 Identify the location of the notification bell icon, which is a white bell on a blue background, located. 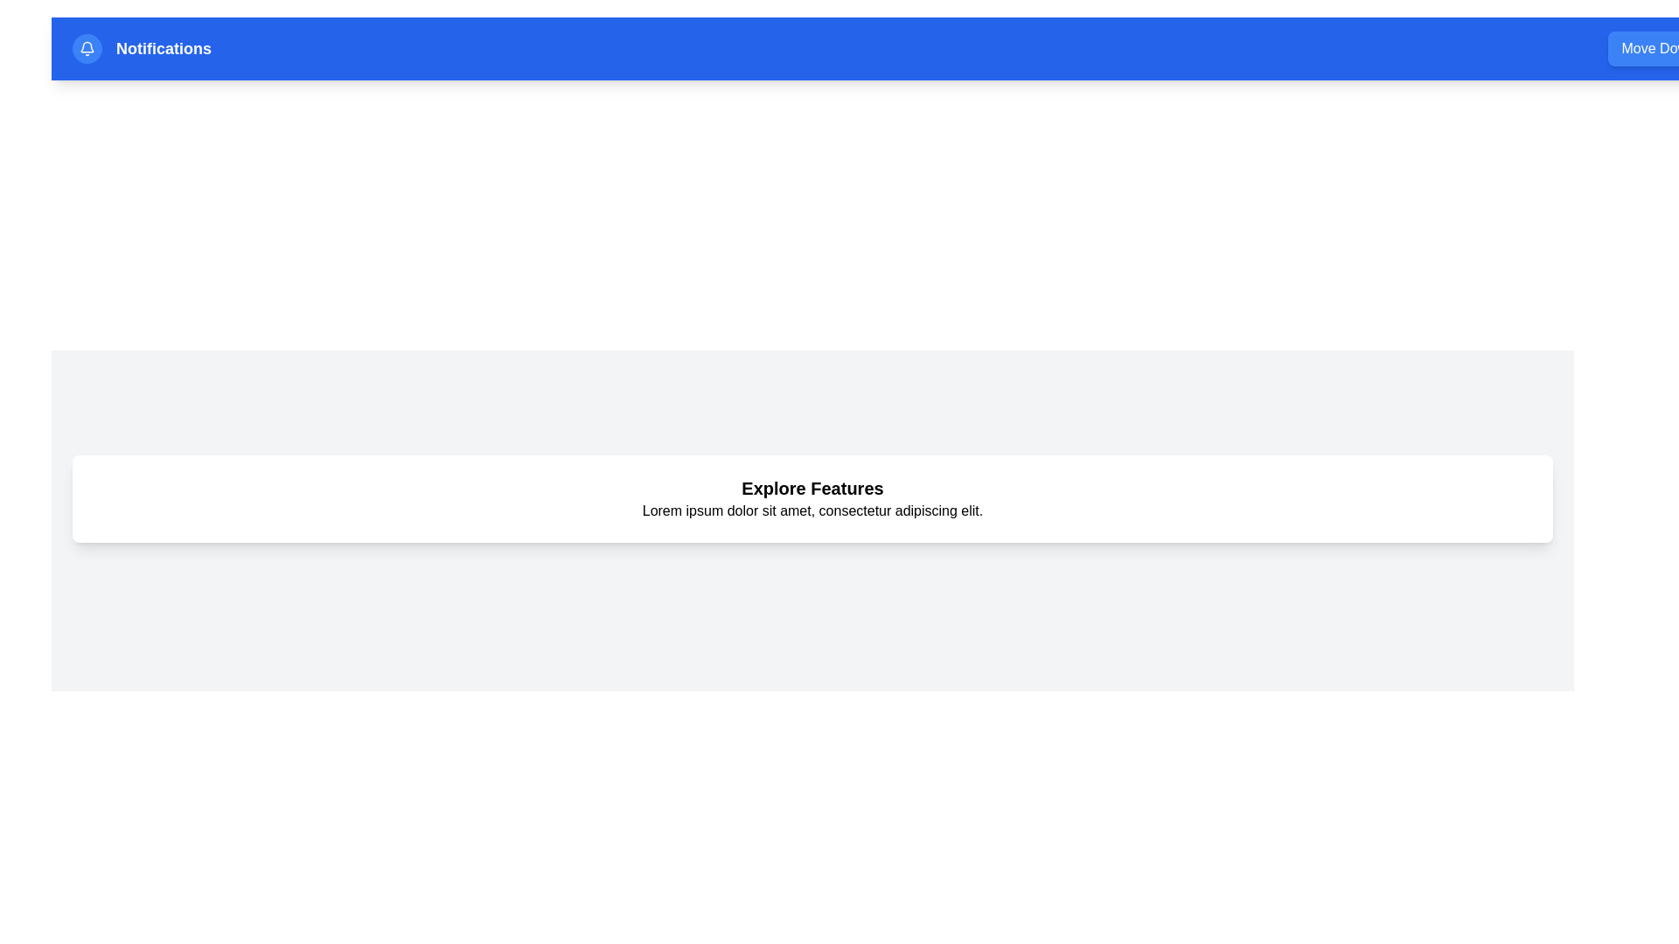
(87, 48).